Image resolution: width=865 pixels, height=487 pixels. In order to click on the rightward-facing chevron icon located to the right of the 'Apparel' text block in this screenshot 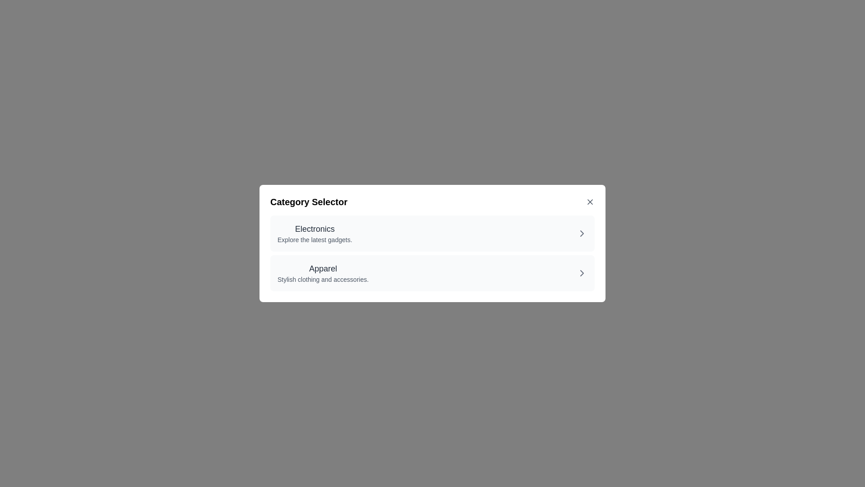, I will do `click(582, 272)`.